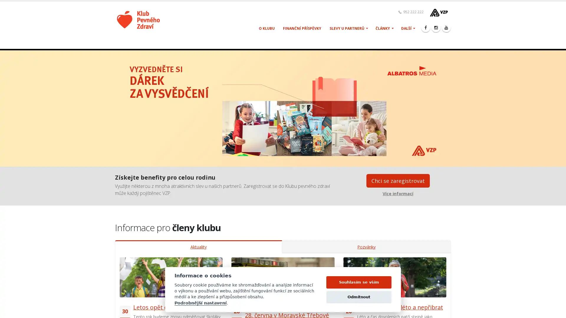 The image size is (566, 318). I want to click on Odmitnout, so click(358, 300).